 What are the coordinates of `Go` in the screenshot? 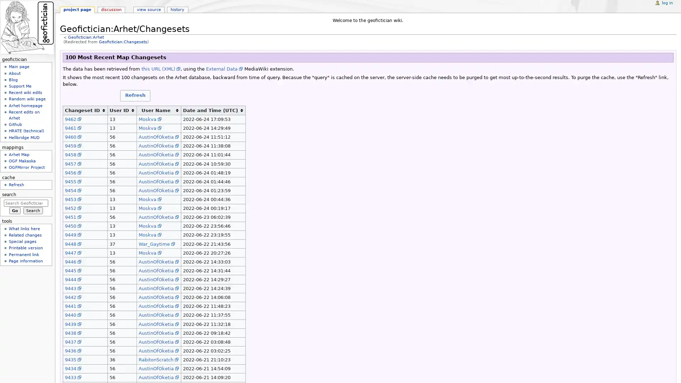 It's located at (15, 210).